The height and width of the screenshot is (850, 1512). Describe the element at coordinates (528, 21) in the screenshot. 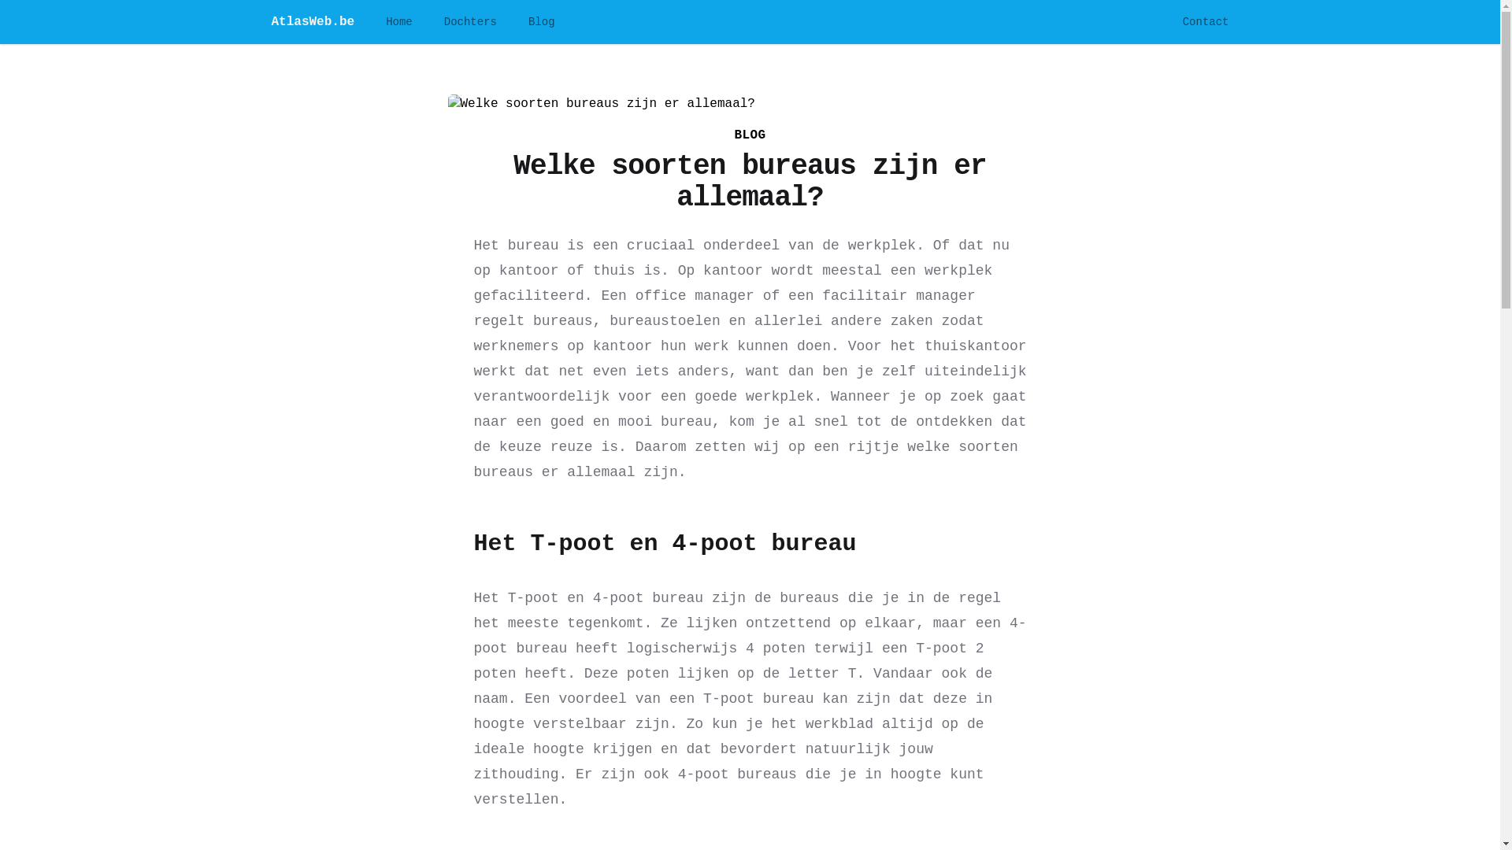

I see `'Blog'` at that location.